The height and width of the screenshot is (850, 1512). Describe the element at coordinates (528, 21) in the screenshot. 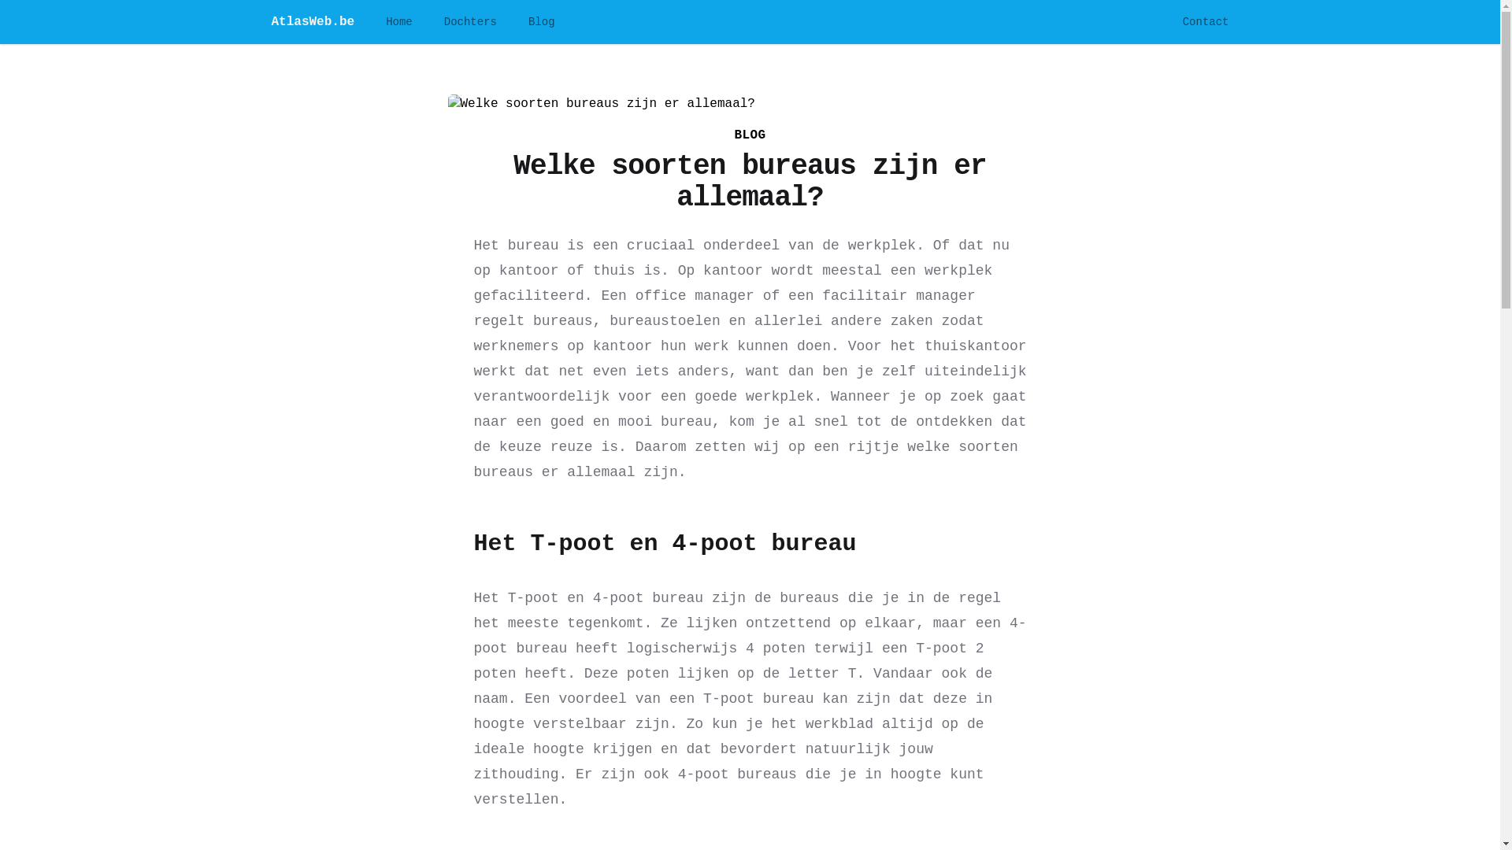

I see `'Blog'` at that location.